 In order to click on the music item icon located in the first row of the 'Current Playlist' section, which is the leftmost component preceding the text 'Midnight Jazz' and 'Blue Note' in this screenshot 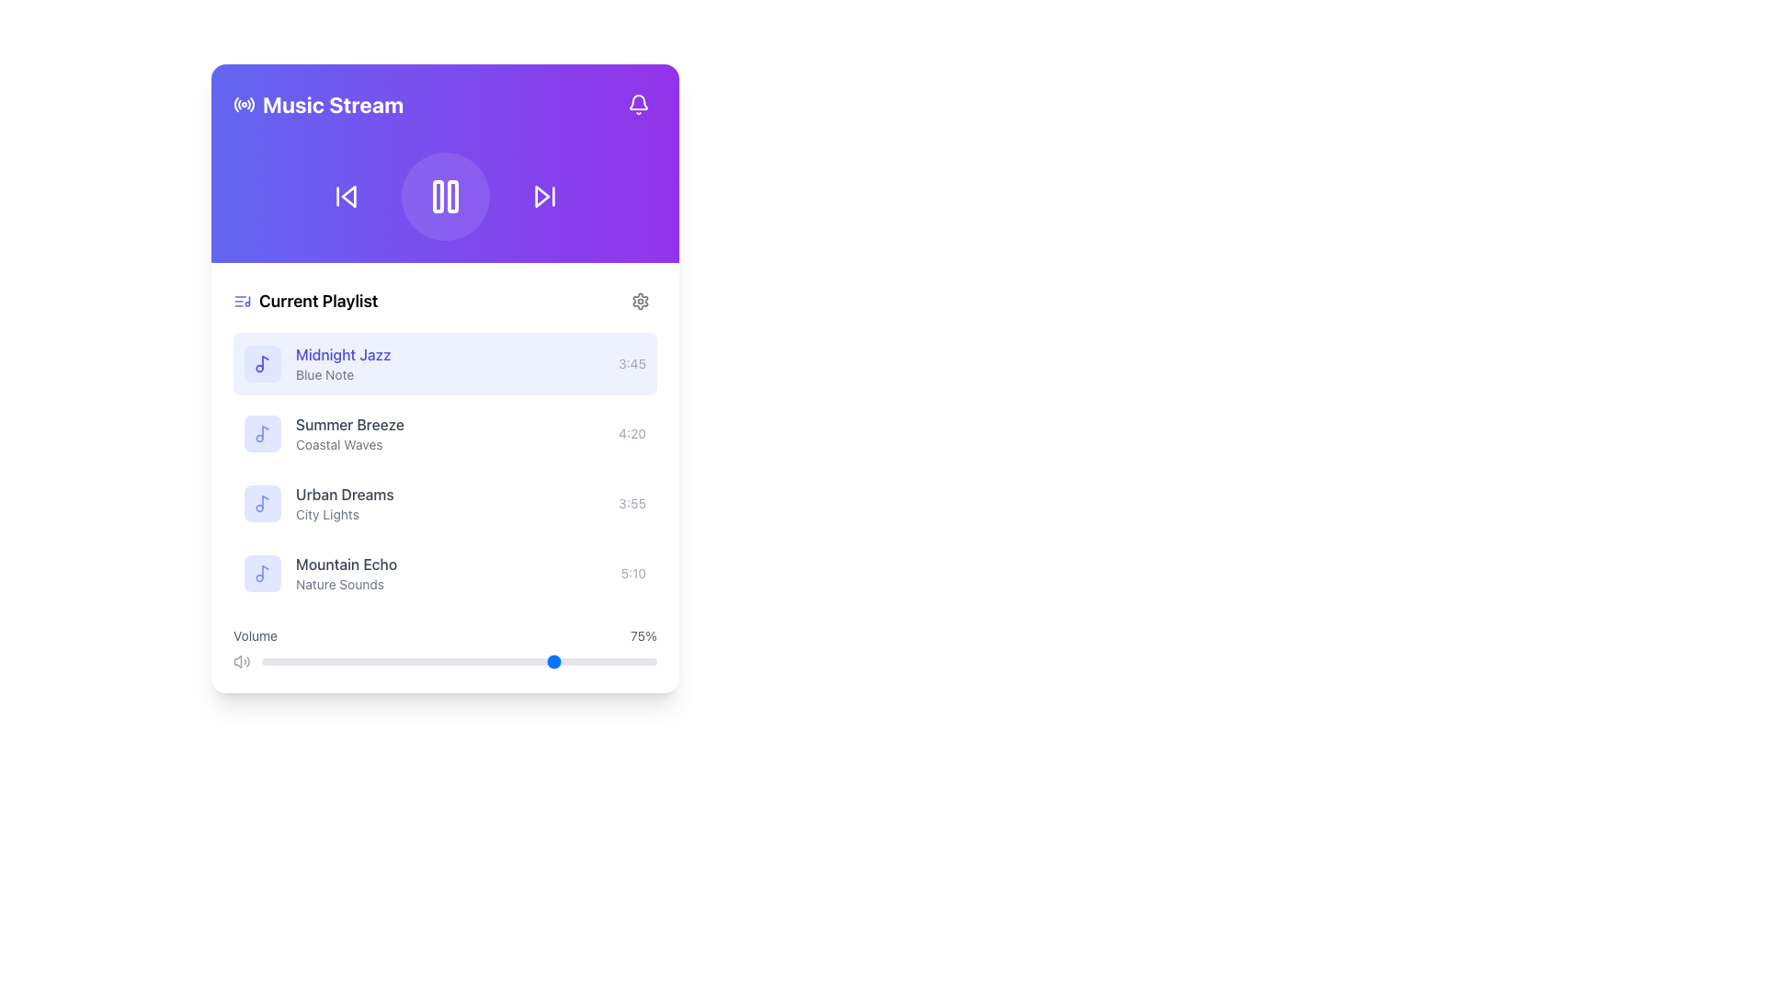, I will do `click(262, 364)`.